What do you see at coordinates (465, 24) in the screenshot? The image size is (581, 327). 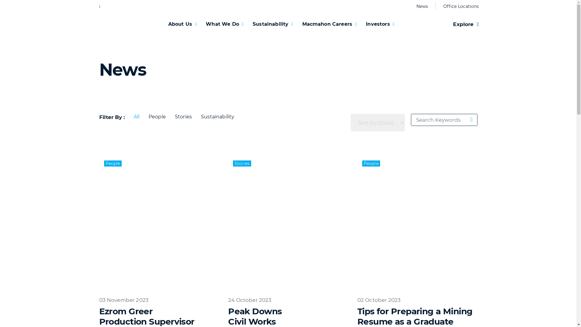 I see `'Explore'` at bounding box center [465, 24].